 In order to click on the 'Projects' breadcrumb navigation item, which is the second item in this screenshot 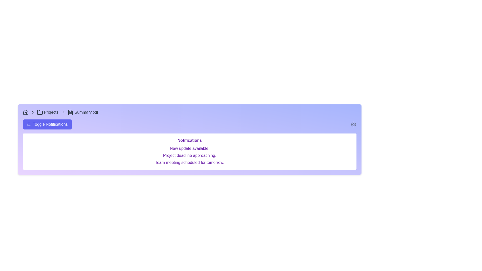, I will do `click(52, 112)`.